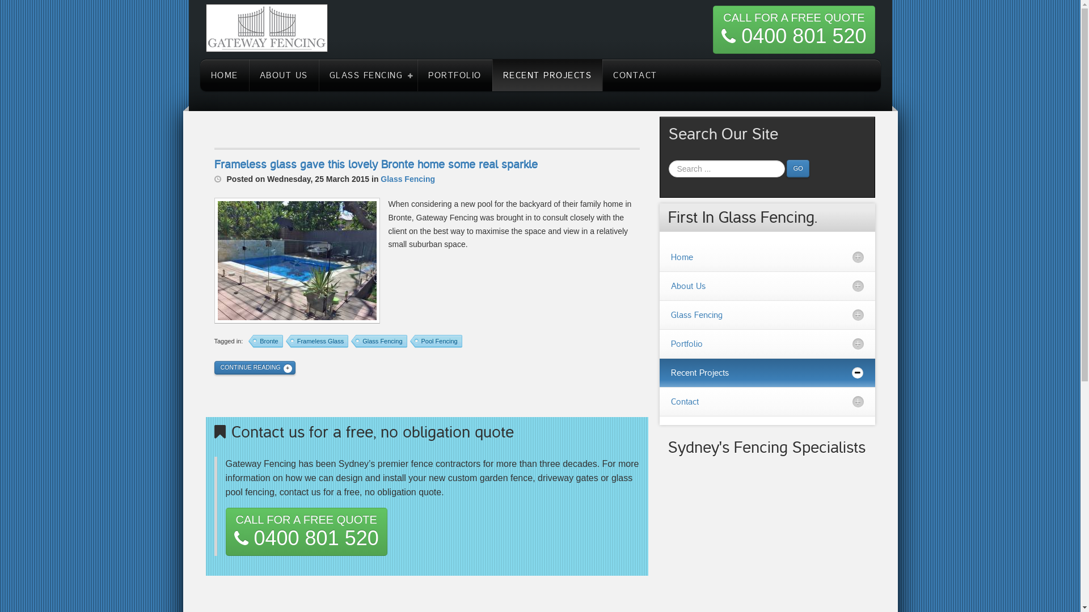  What do you see at coordinates (492, 75) in the screenshot?
I see `'RECENT PROJECTS'` at bounding box center [492, 75].